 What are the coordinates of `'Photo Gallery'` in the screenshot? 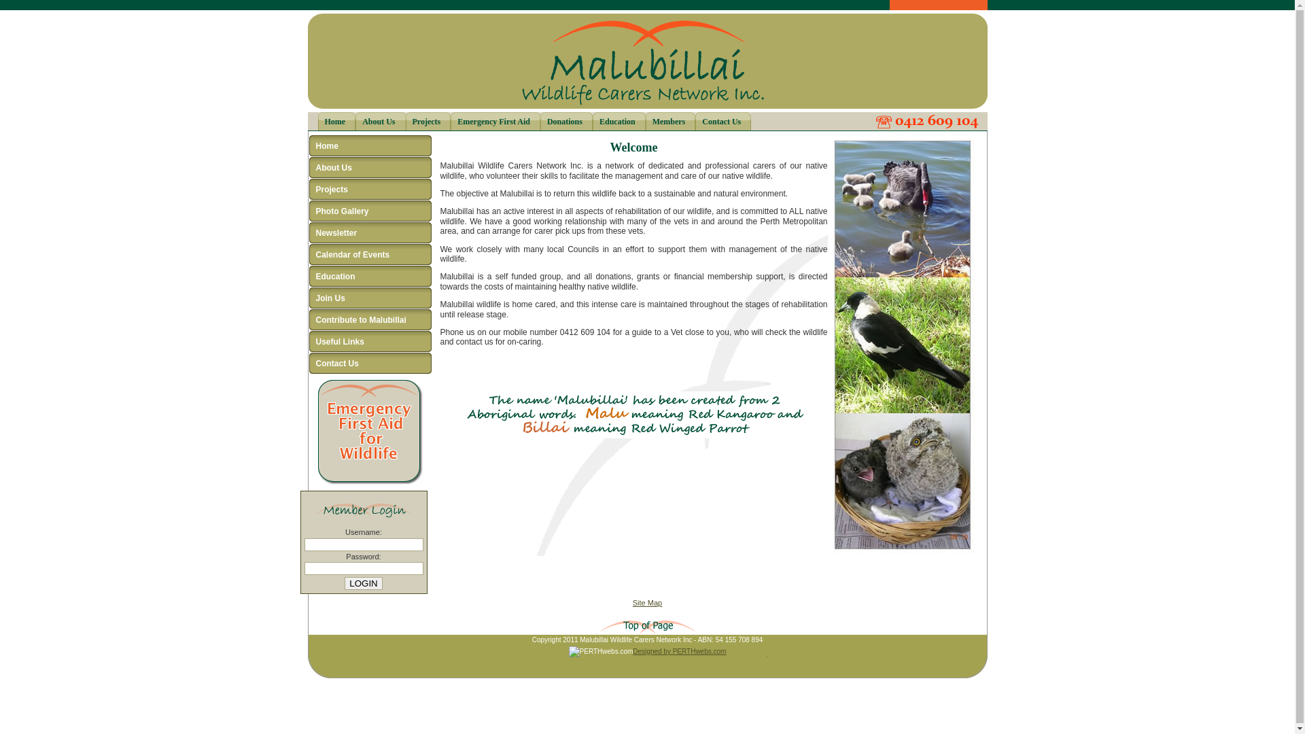 It's located at (308, 211).